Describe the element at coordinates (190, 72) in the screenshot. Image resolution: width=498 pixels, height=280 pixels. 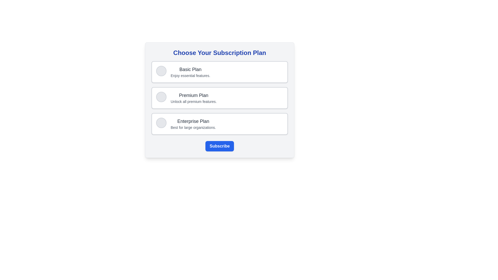
I see `text of the label providing the title and brief description for the 'Basic Plan' subscription option located beneath the section header 'Choose Your Subscription Plan'` at that location.